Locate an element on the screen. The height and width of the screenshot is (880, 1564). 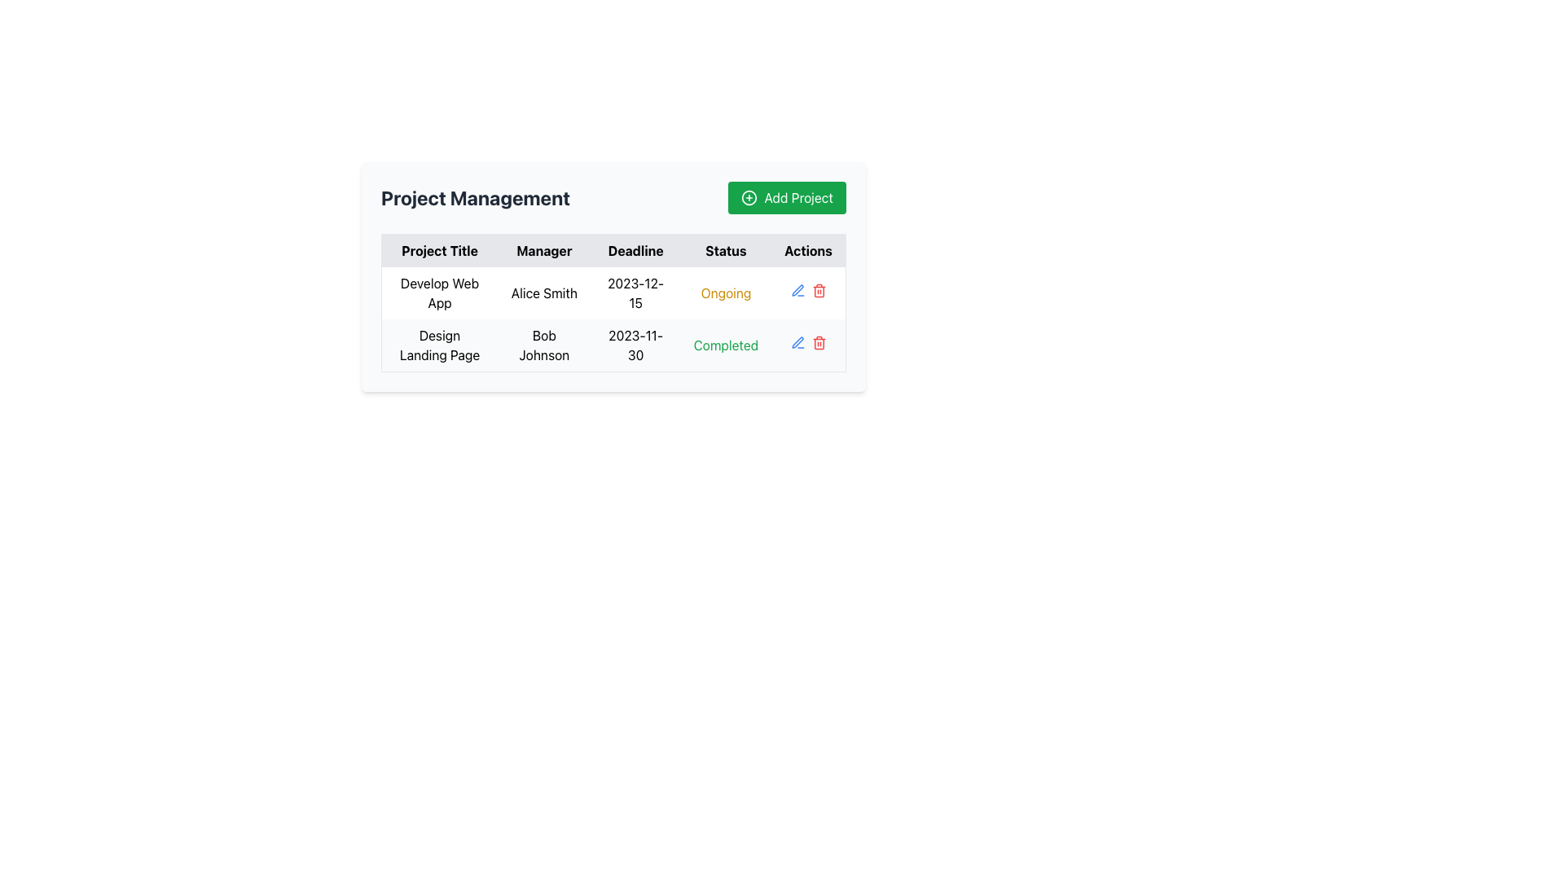
the Blank Space element located in the 'Actions' column of the second row of the table, adjacent to the trash bin icon is located at coordinates (808, 345).